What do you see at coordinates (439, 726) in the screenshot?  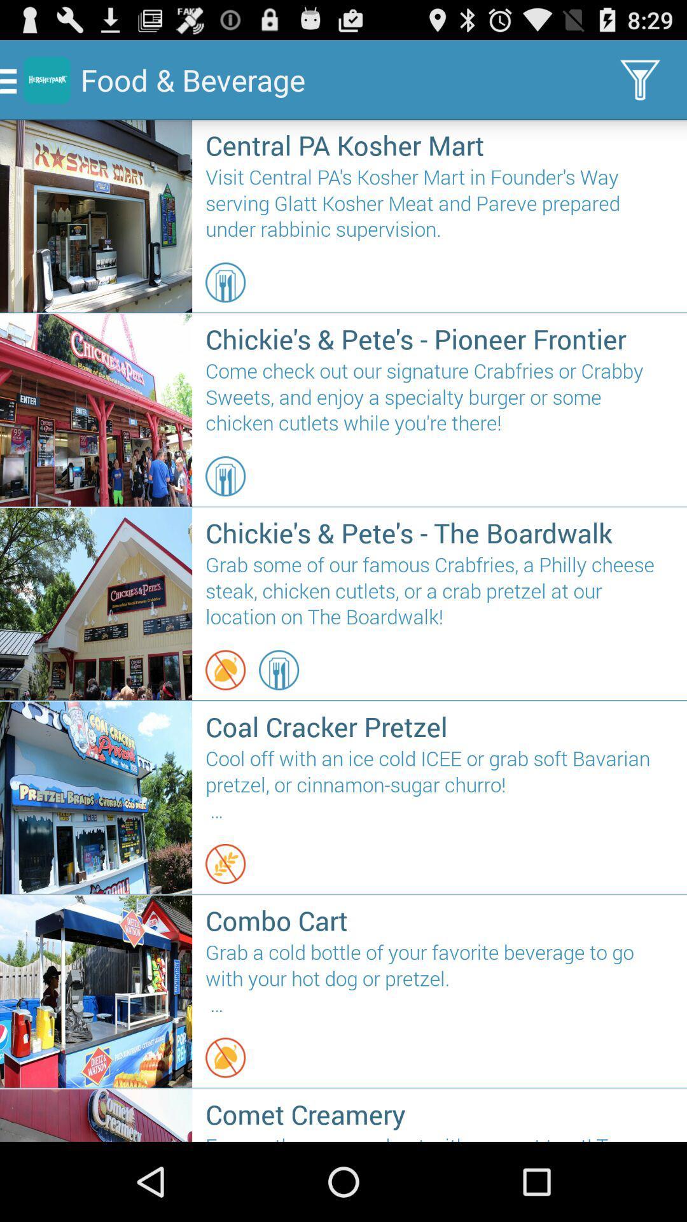 I see `the icon above cool off with icon` at bounding box center [439, 726].